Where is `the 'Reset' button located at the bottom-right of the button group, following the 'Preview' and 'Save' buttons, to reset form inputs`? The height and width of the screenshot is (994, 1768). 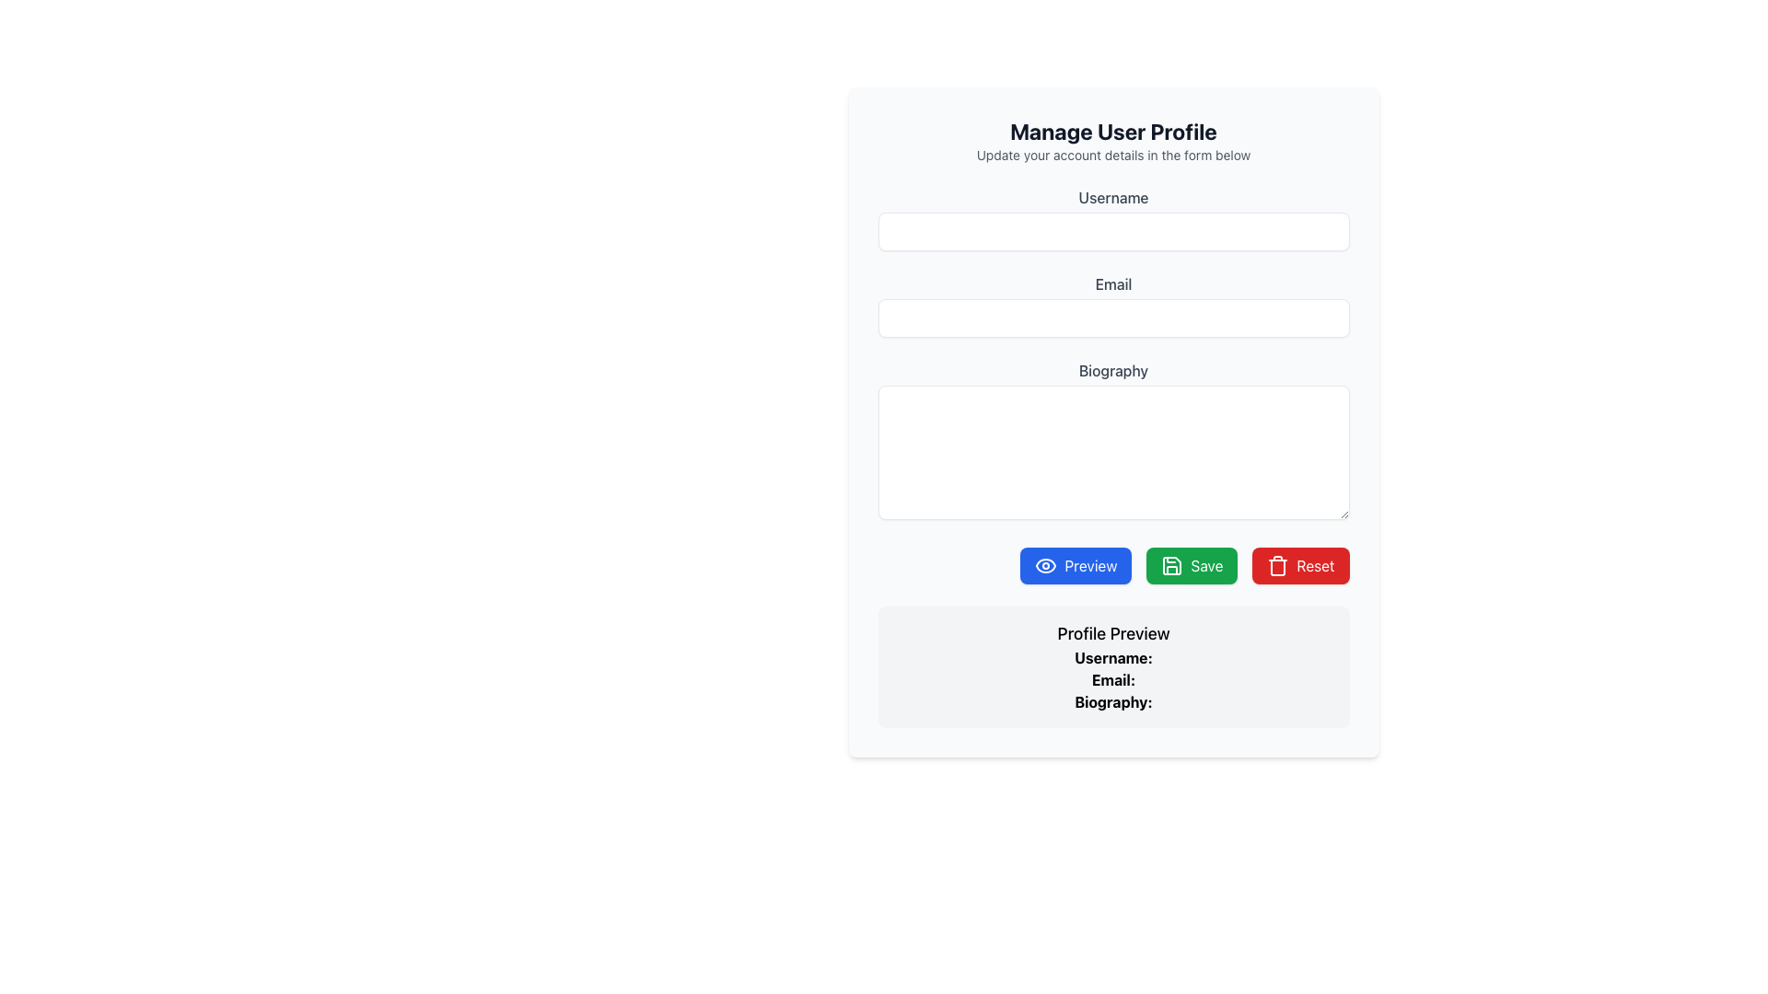
the 'Reset' button located at the bottom-right of the button group, following the 'Preview' and 'Save' buttons, to reset form inputs is located at coordinates (1314, 564).